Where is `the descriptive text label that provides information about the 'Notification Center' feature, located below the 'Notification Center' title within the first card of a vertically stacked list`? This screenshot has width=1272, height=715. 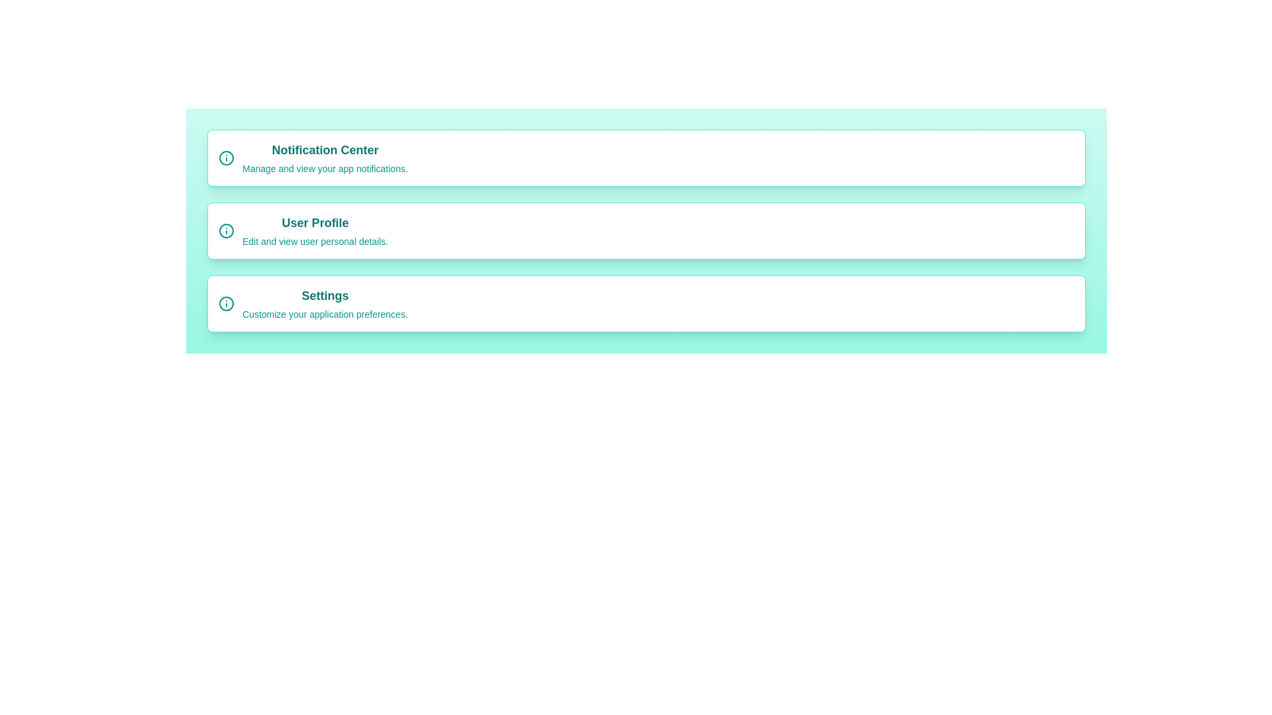 the descriptive text label that provides information about the 'Notification Center' feature, located below the 'Notification Center' title within the first card of a vertically stacked list is located at coordinates (325, 167).